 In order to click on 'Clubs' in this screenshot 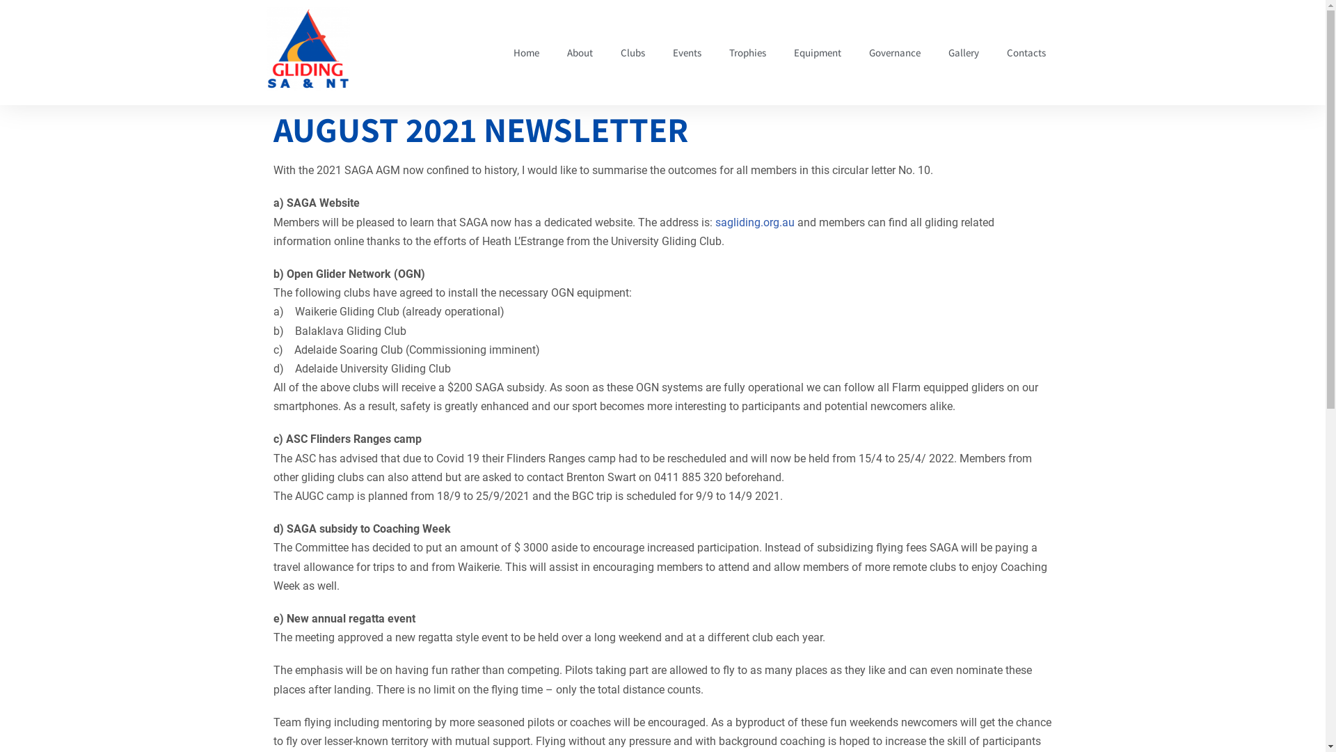, I will do `click(607, 52)`.